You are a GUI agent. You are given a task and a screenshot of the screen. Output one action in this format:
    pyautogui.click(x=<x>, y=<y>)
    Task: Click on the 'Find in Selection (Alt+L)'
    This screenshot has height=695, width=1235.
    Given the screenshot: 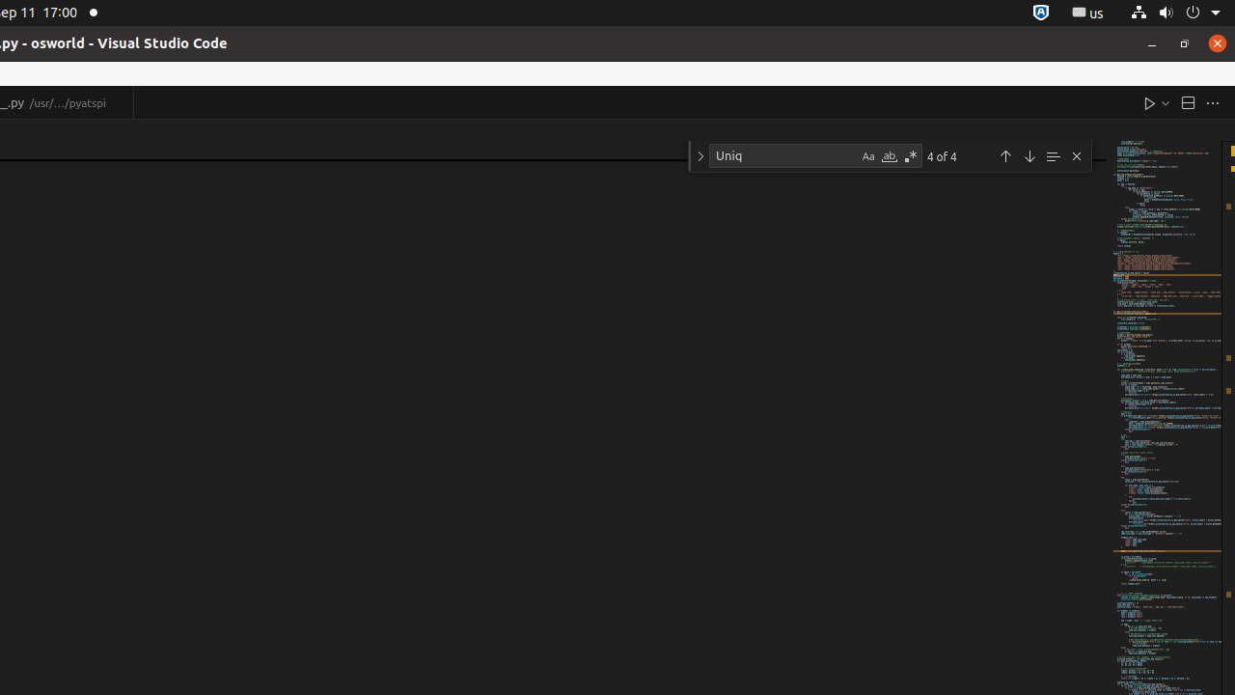 What is the action you would take?
    pyautogui.click(x=1051, y=154)
    